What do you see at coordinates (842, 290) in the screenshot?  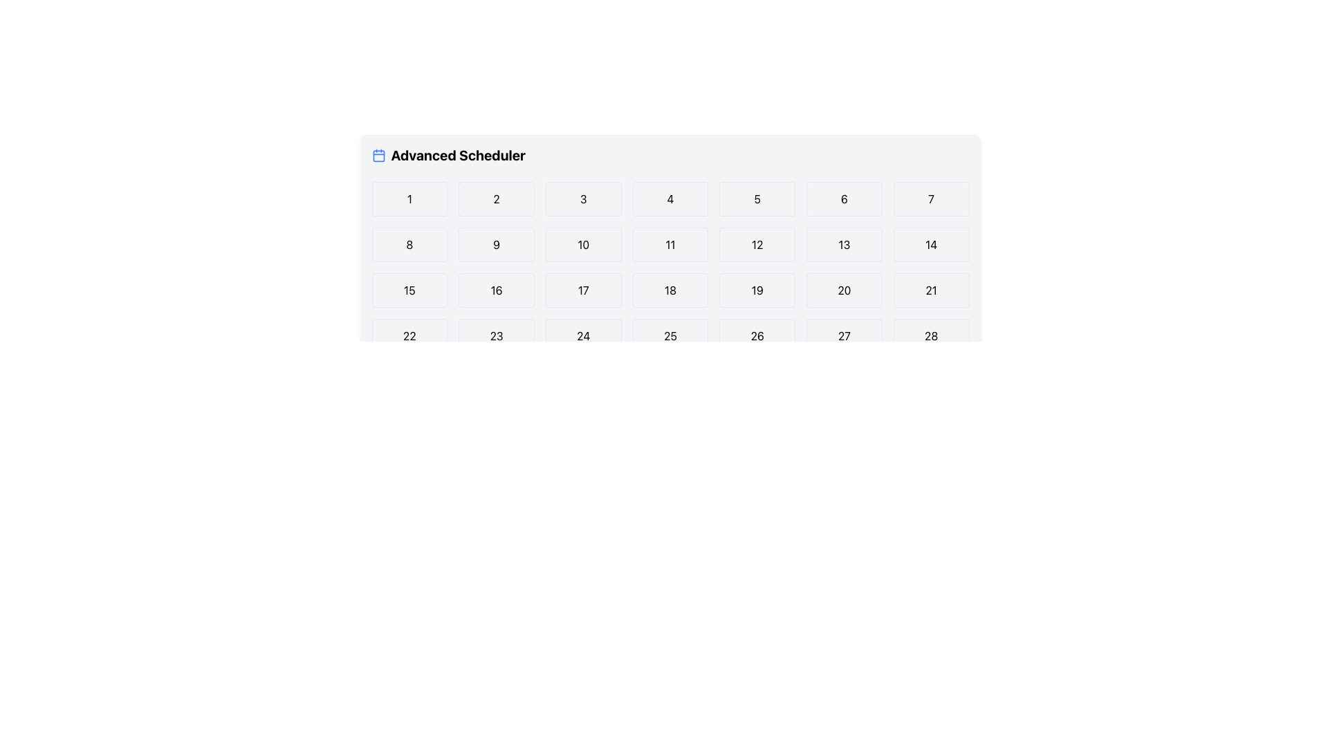 I see `the selectable date cell located in the third row and sixth column of the calendar grid` at bounding box center [842, 290].